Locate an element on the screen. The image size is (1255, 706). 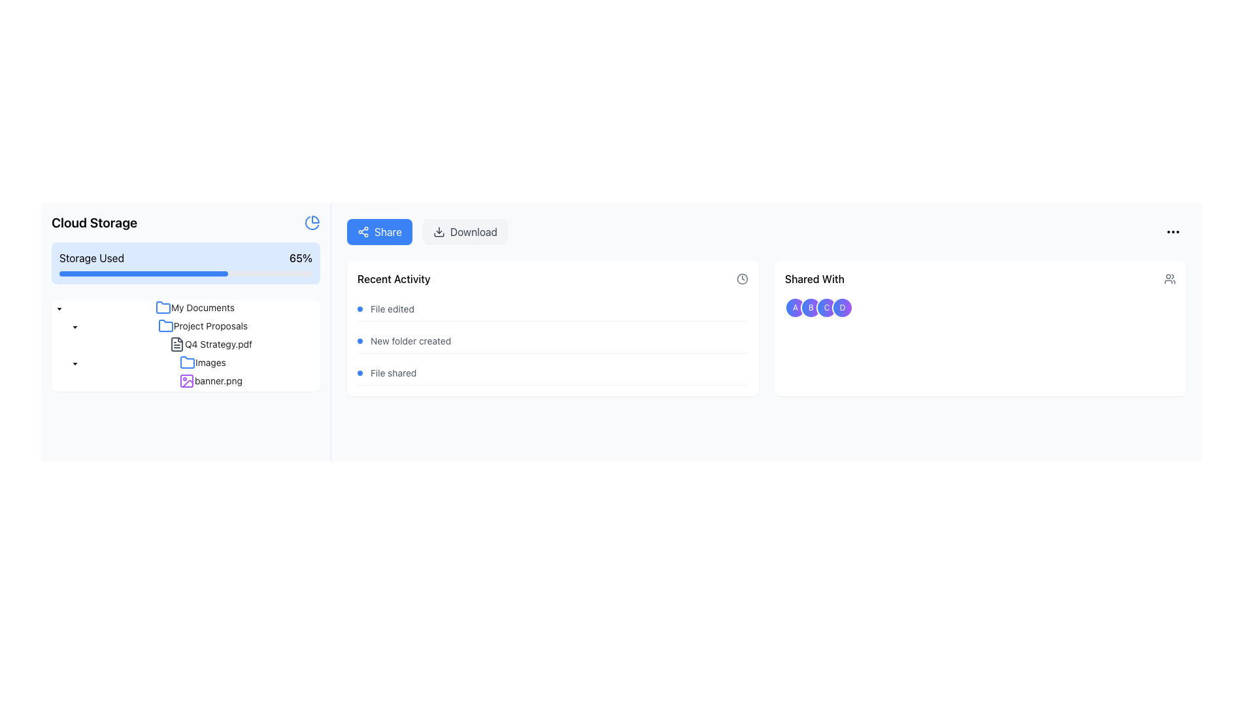
the 'Images' folder navigation item located is located at coordinates (202, 363).